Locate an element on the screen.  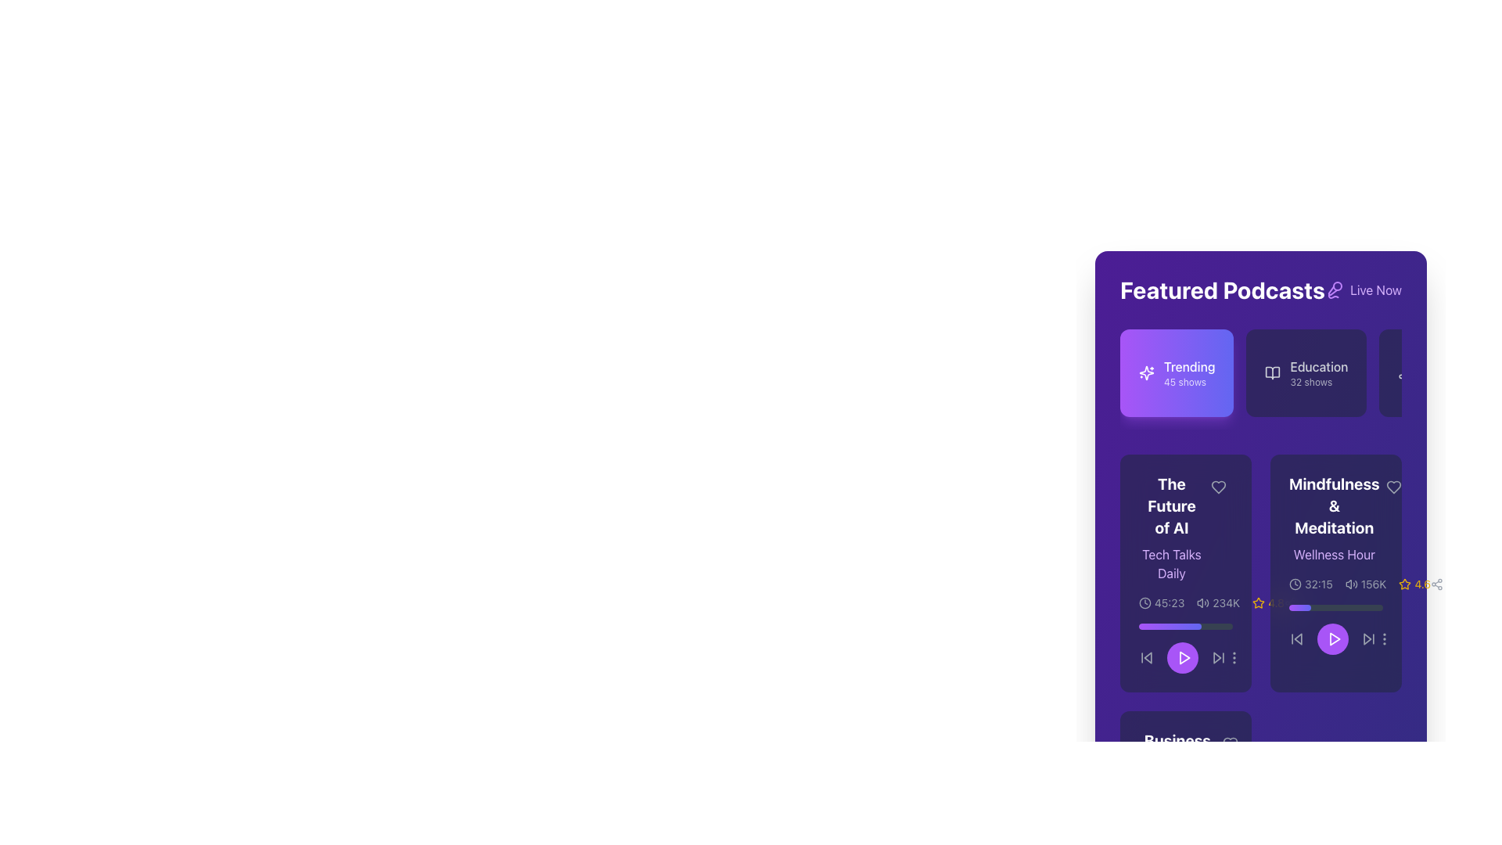
the Label with Icon that features a microphone icon and the text 'Live Now' in purple tones, located in the top-right corner of the 'Featured Podcasts' section is located at coordinates (1362, 289).